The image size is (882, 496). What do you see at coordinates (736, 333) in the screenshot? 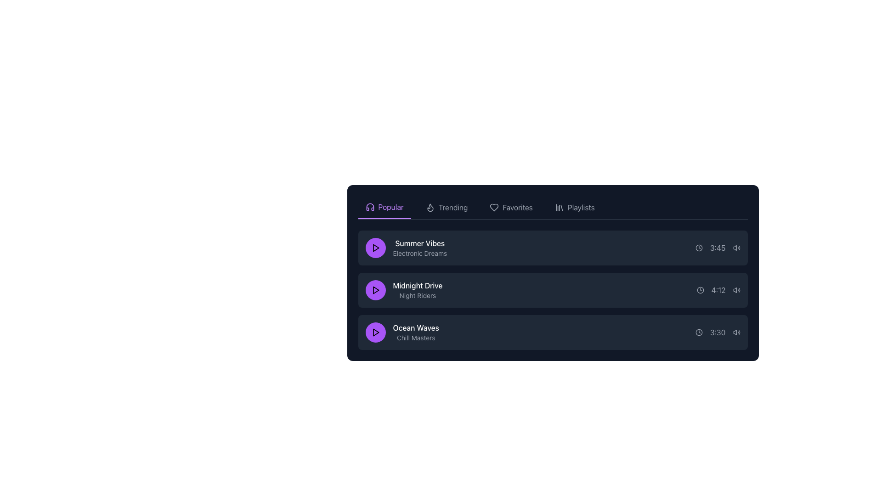
I see `the volume control button located at the far right of the 'Ocean Waves' track row` at bounding box center [736, 333].